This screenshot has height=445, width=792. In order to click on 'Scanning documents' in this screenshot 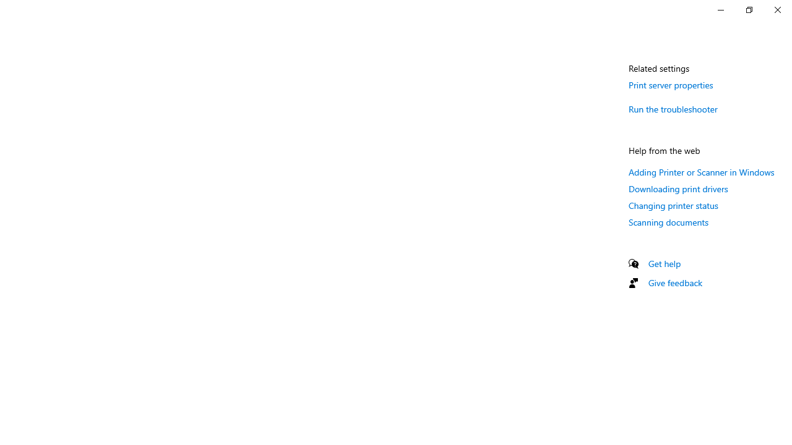, I will do `click(668, 221)`.